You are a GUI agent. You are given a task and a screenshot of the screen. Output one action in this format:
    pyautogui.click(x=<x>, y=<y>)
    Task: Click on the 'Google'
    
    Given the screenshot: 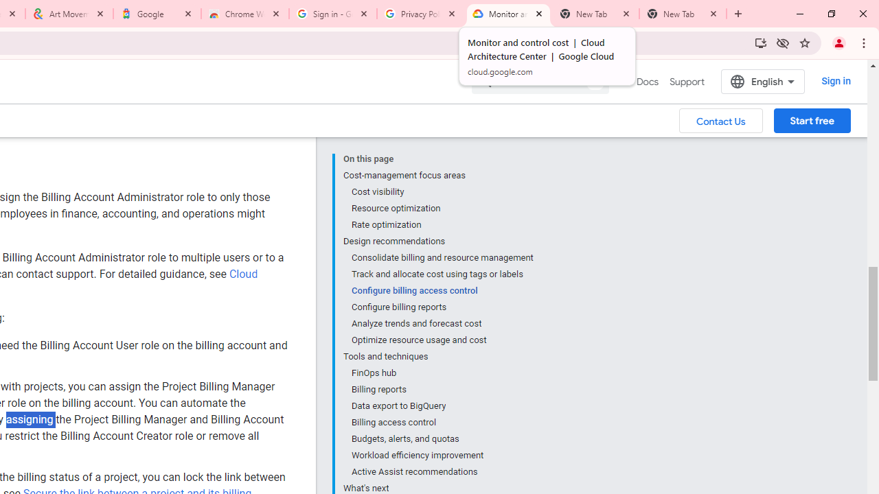 What is the action you would take?
    pyautogui.click(x=157, y=14)
    